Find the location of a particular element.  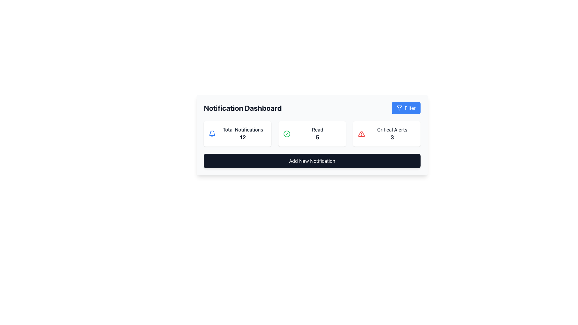

the notification information by interacting with the bell icon representing total notifications, located on the left side of the main notification panel, adjacent to the text 'Total Notifications' and the number '12' is located at coordinates (212, 133).